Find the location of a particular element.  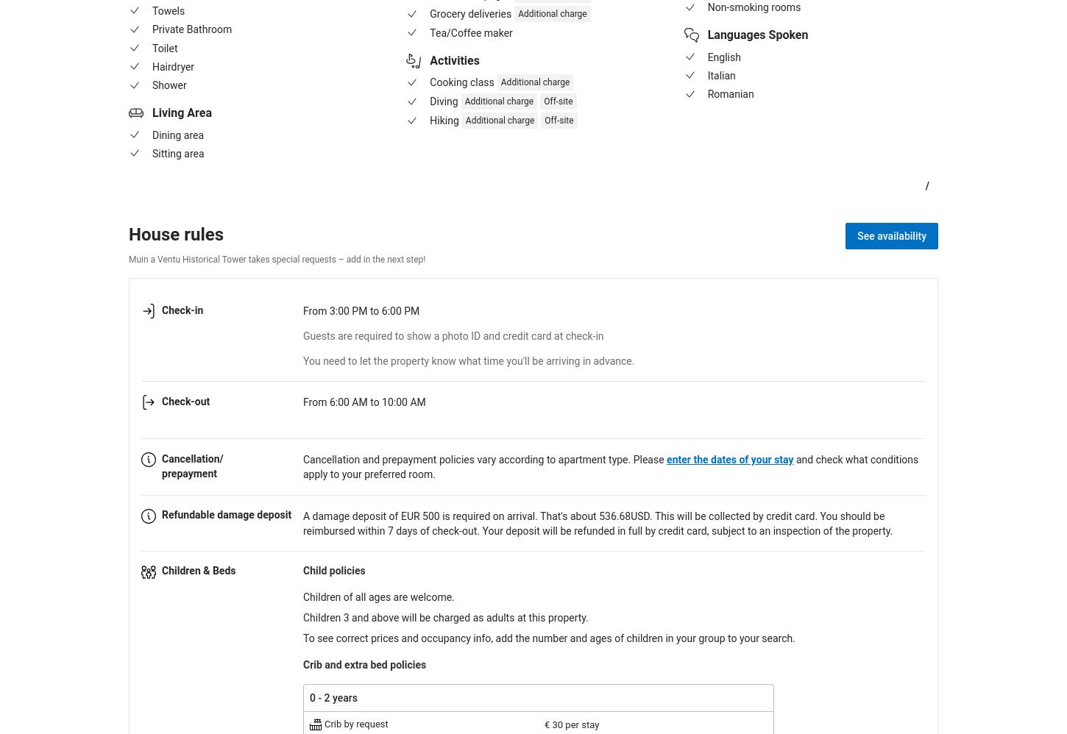

'Check-in' is located at coordinates (182, 309).